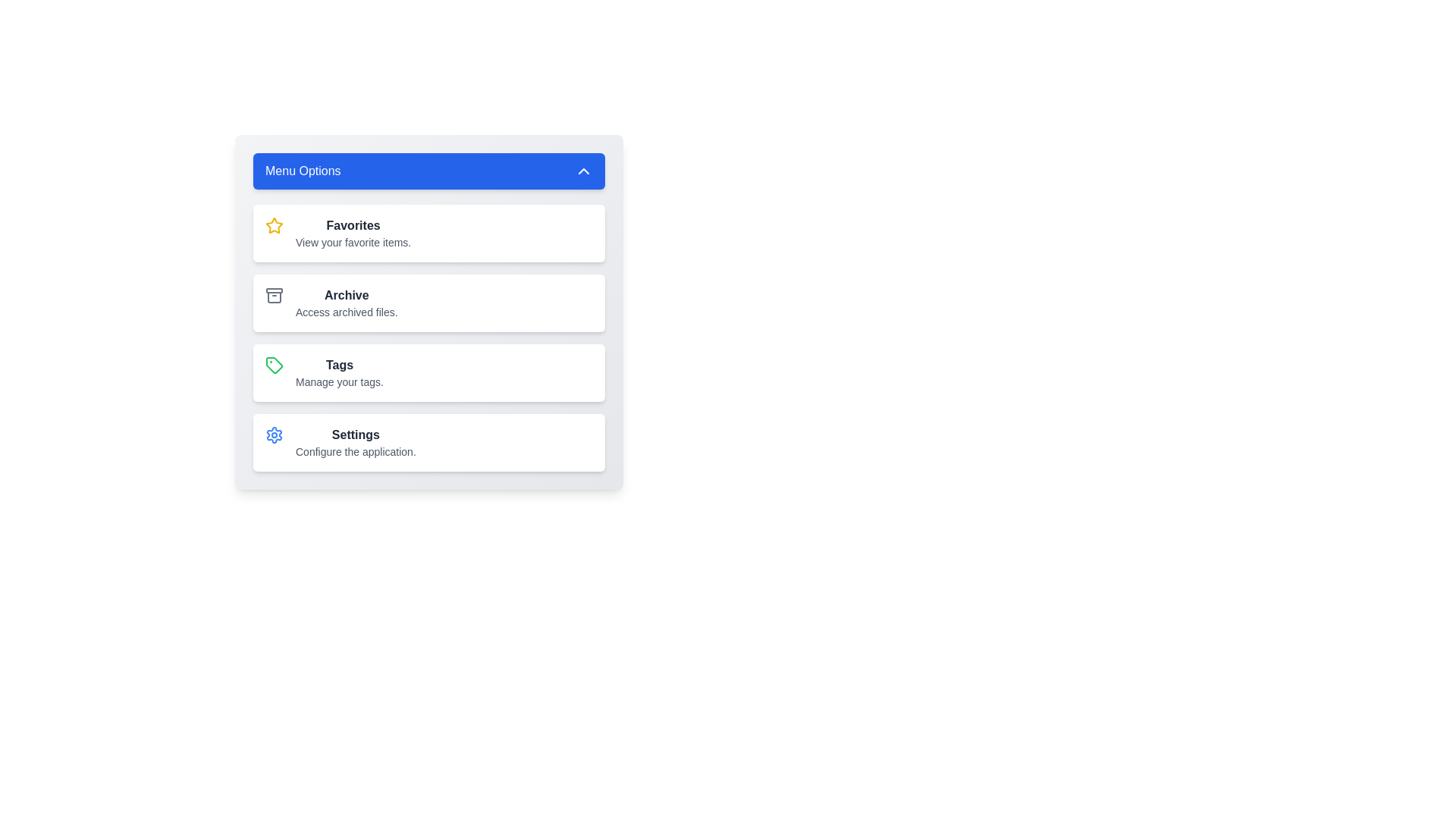  Describe the element at coordinates (355, 435) in the screenshot. I see `the Text label that serves as a heading for the associated menu item, located in the vertical menu layout below the 'Tags' item` at that location.